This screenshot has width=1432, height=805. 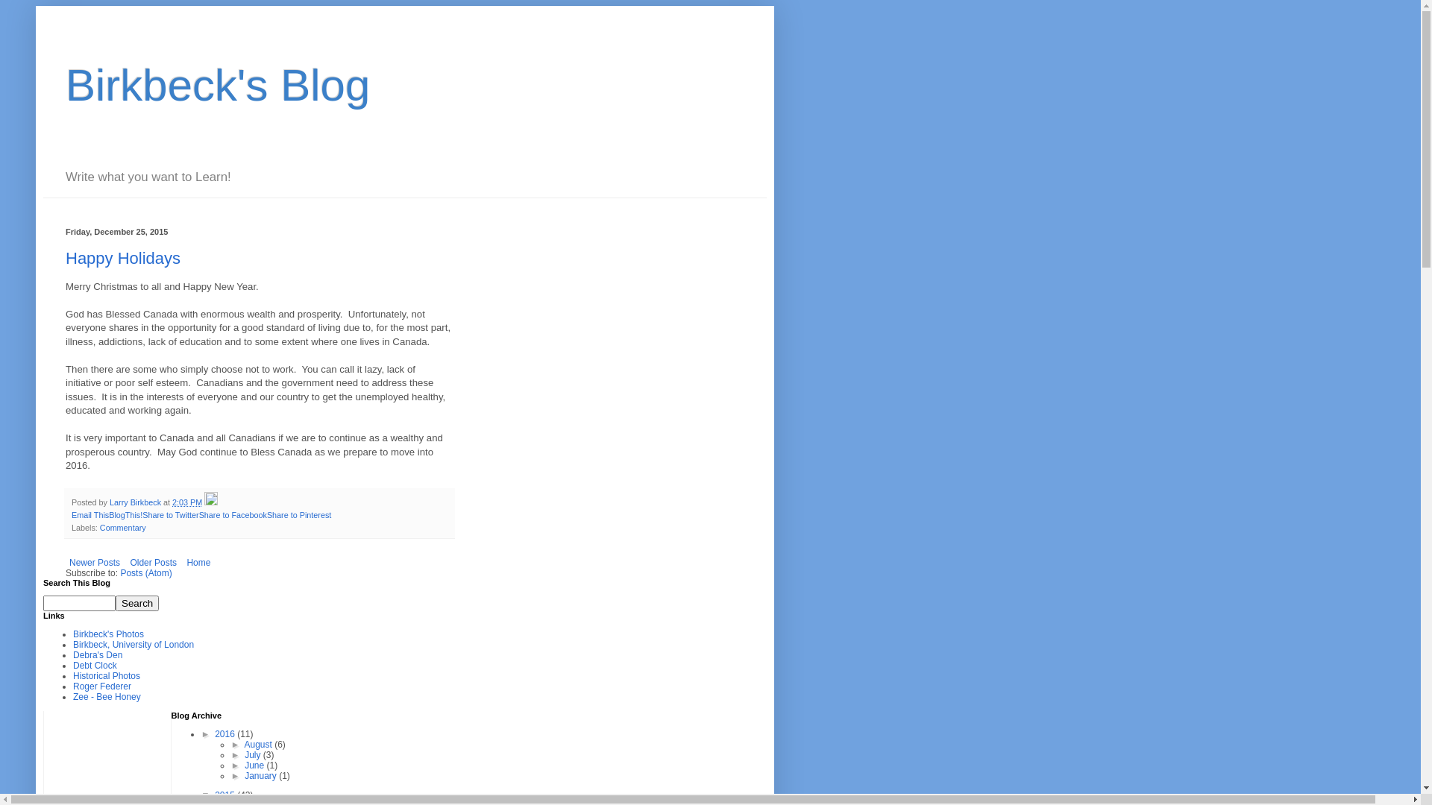 What do you see at coordinates (260, 745) in the screenshot?
I see `'August'` at bounding box center [260, 745].